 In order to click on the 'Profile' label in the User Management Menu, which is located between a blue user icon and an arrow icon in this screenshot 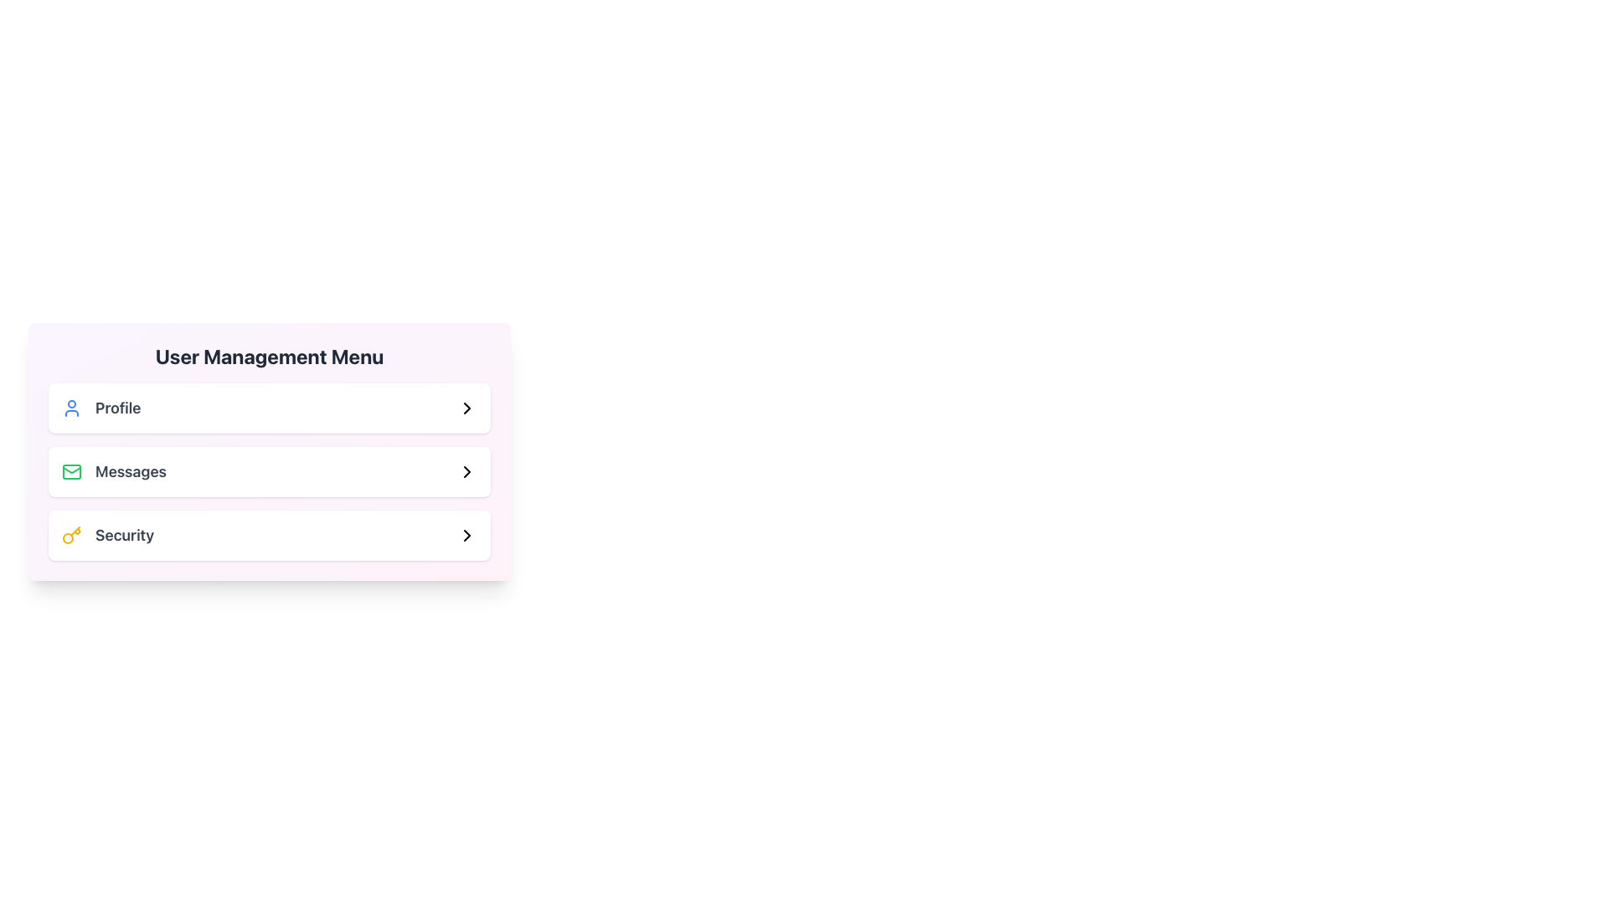, I will do `click(117, 408)`.